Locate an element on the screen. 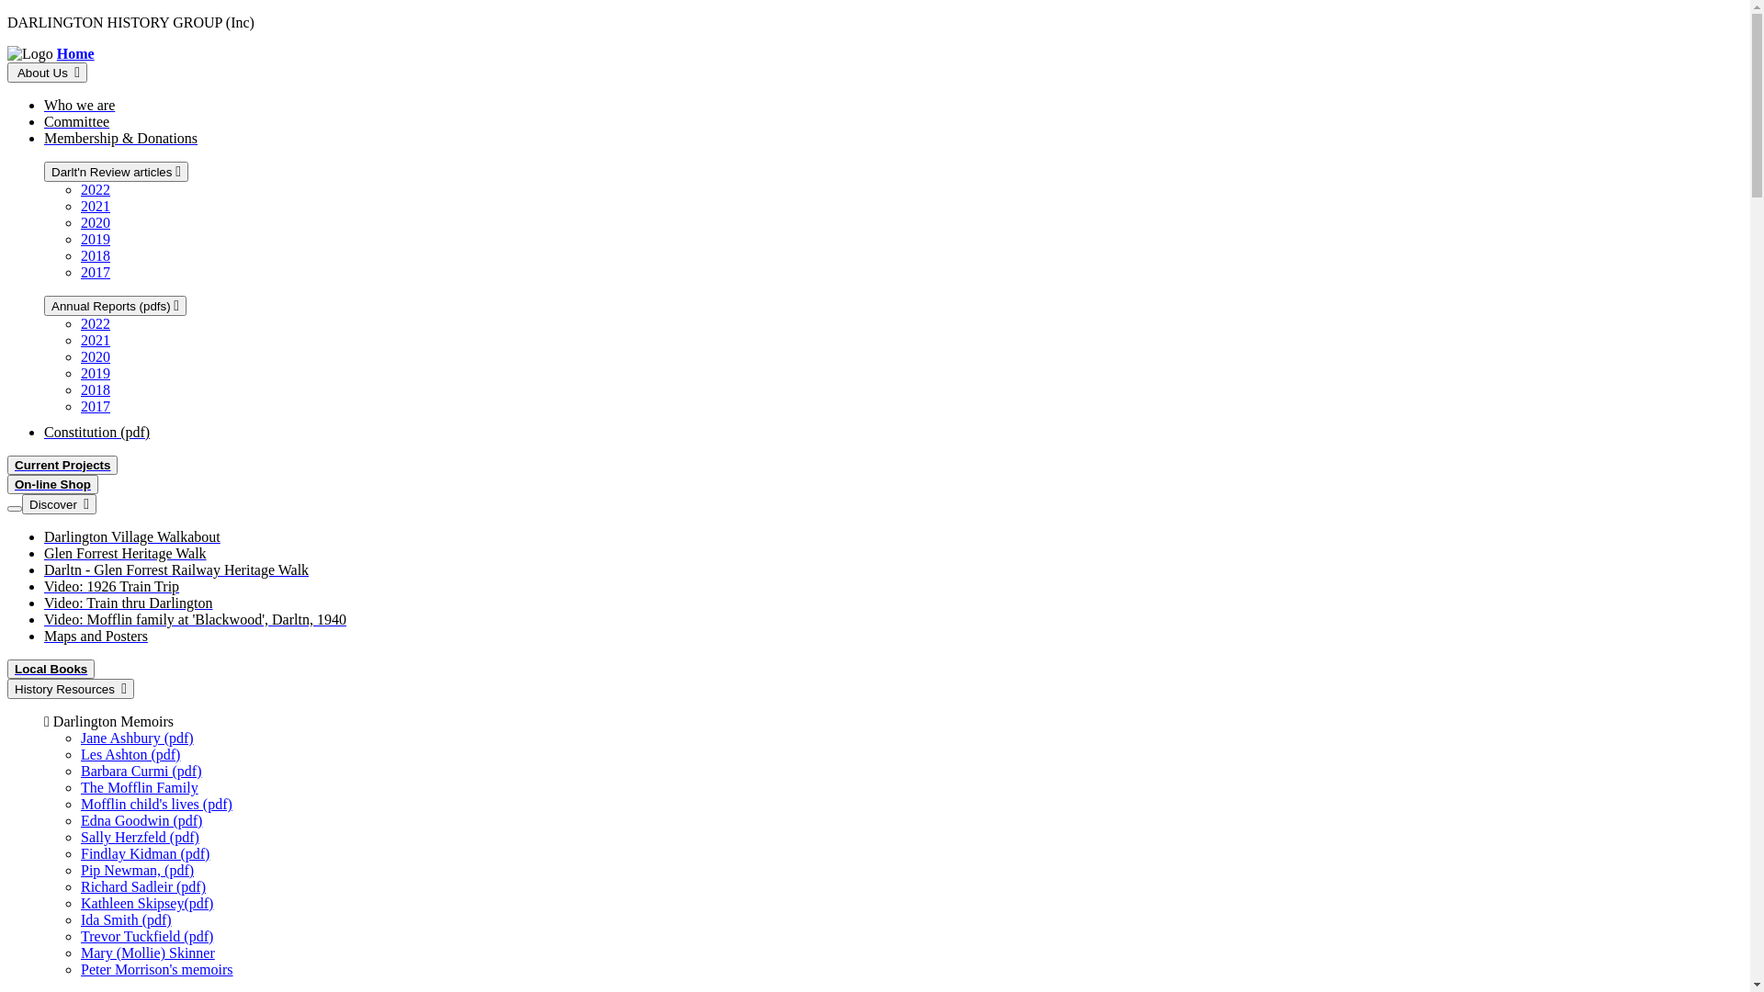 The width and height of the screenshot is (1764, 992). 'Video: Mofflin family at 'Blackwood', Darltn, 1940' is located at coordinates (195, 619).